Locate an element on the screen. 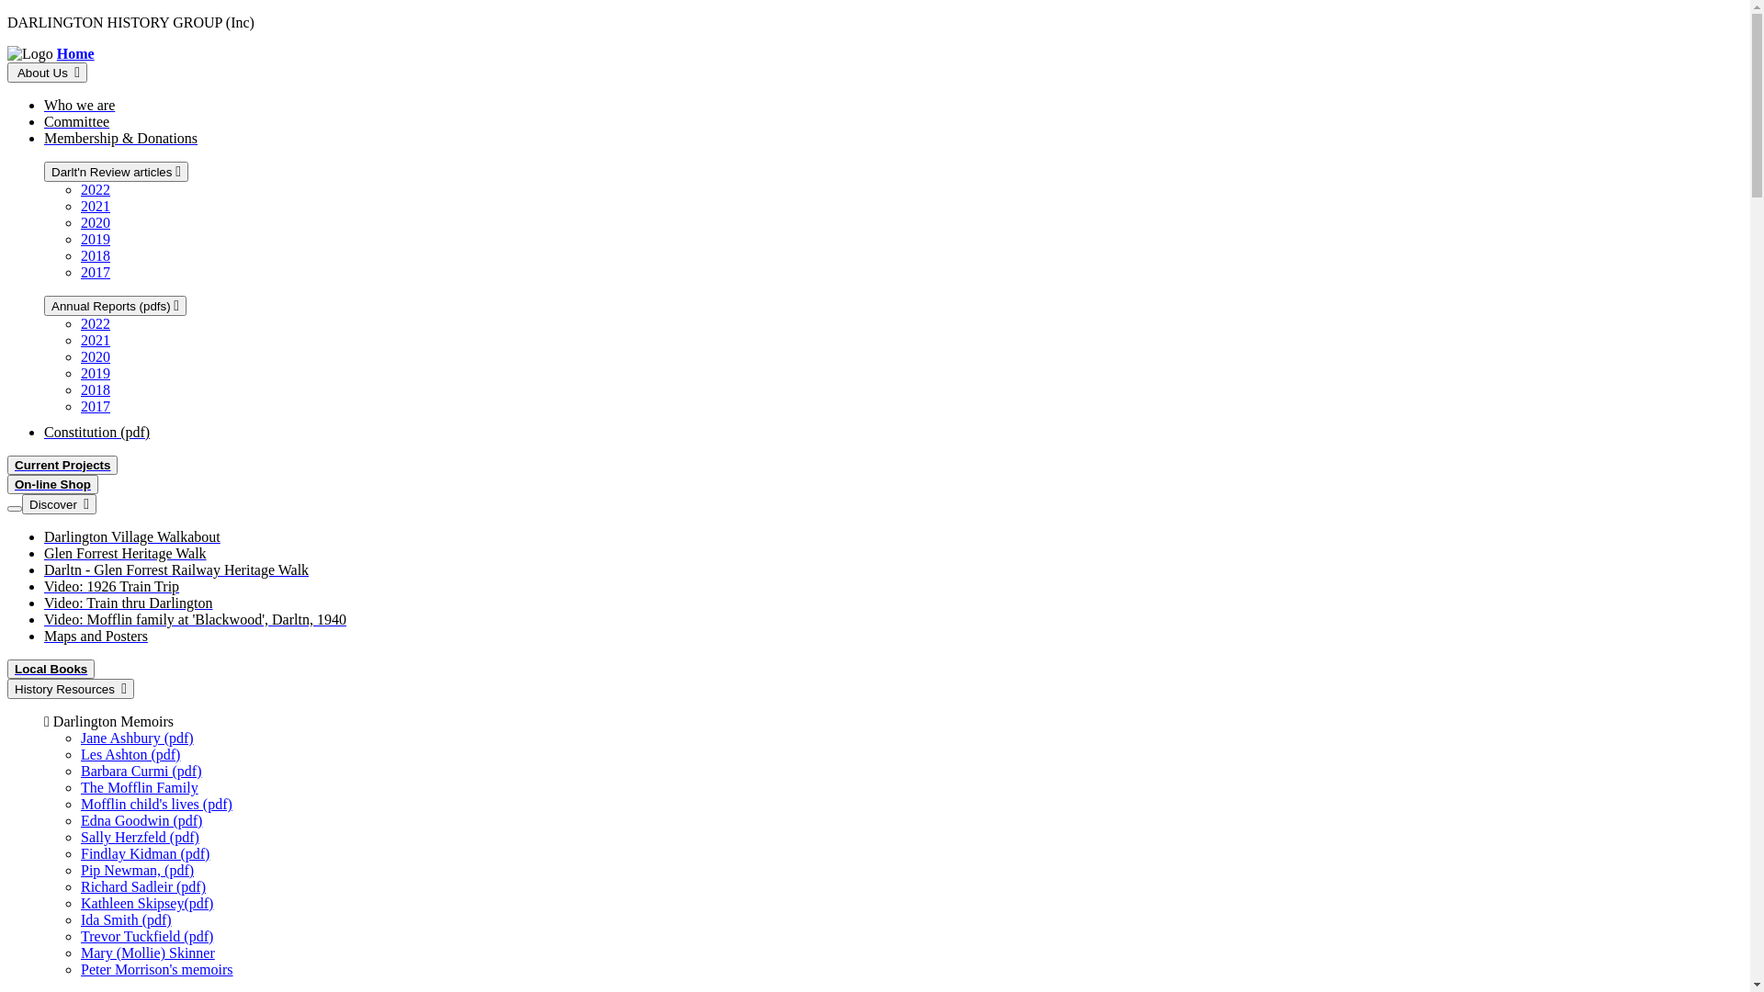 The width and height of the screenshot is (1764, 992). 'Video: Mofflin family at 'Blackwood', Darltn, 1940' is located at coordinates (195, 619).